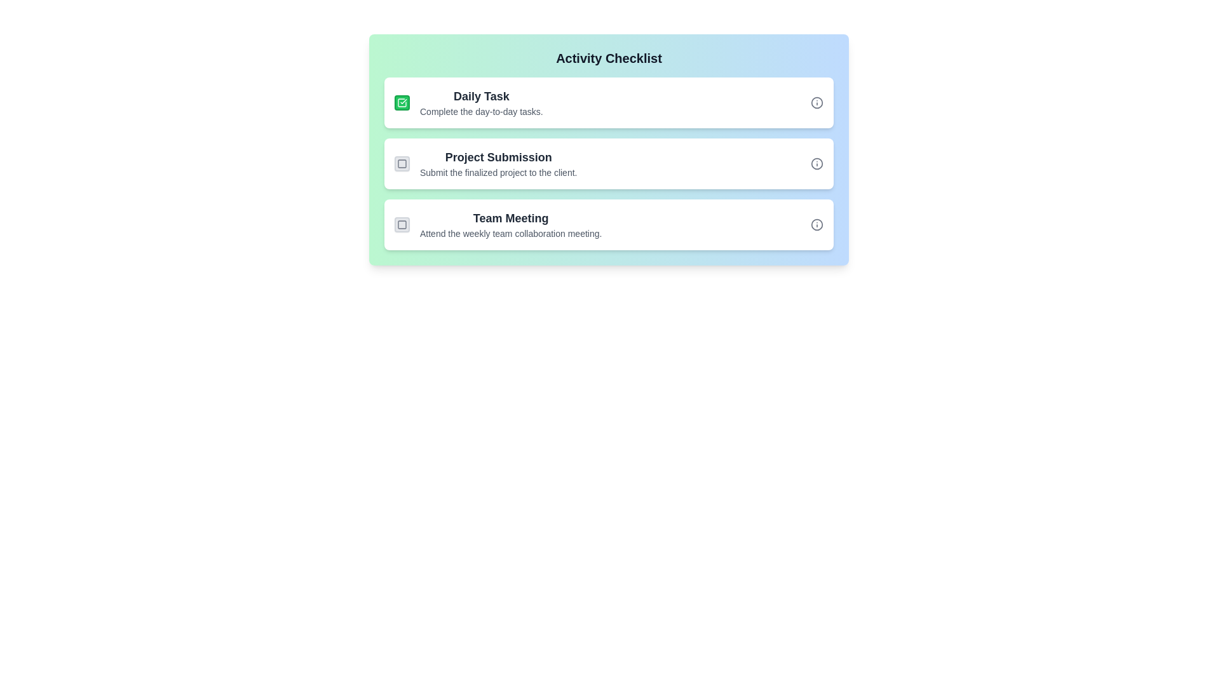 This screenshot has width=1220, height=686. What do you see at coordinates (402, 163) in the screenshot?
I see `the square checkbox icon for the 'Team Meeting' checklist item` at bounding box center [402, 163].